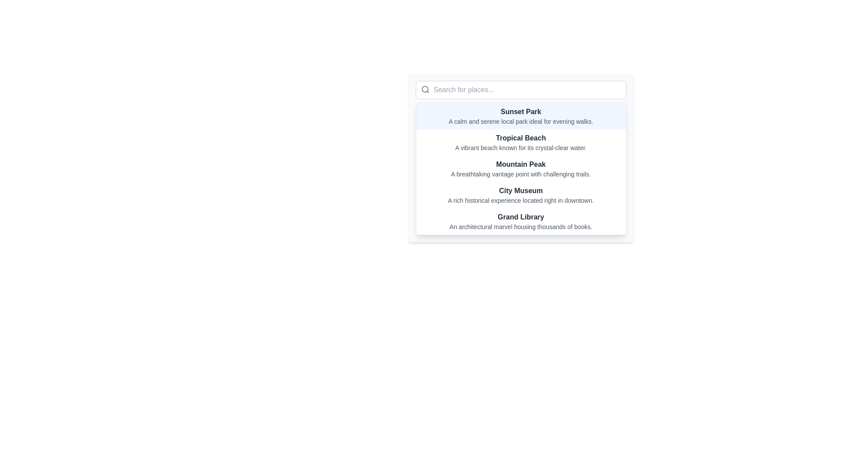  Describe the element at coordinates (521, 217) in the screenshot. I see `the label titled 'Grand Library' which identifies the location in the list of places` at that location.